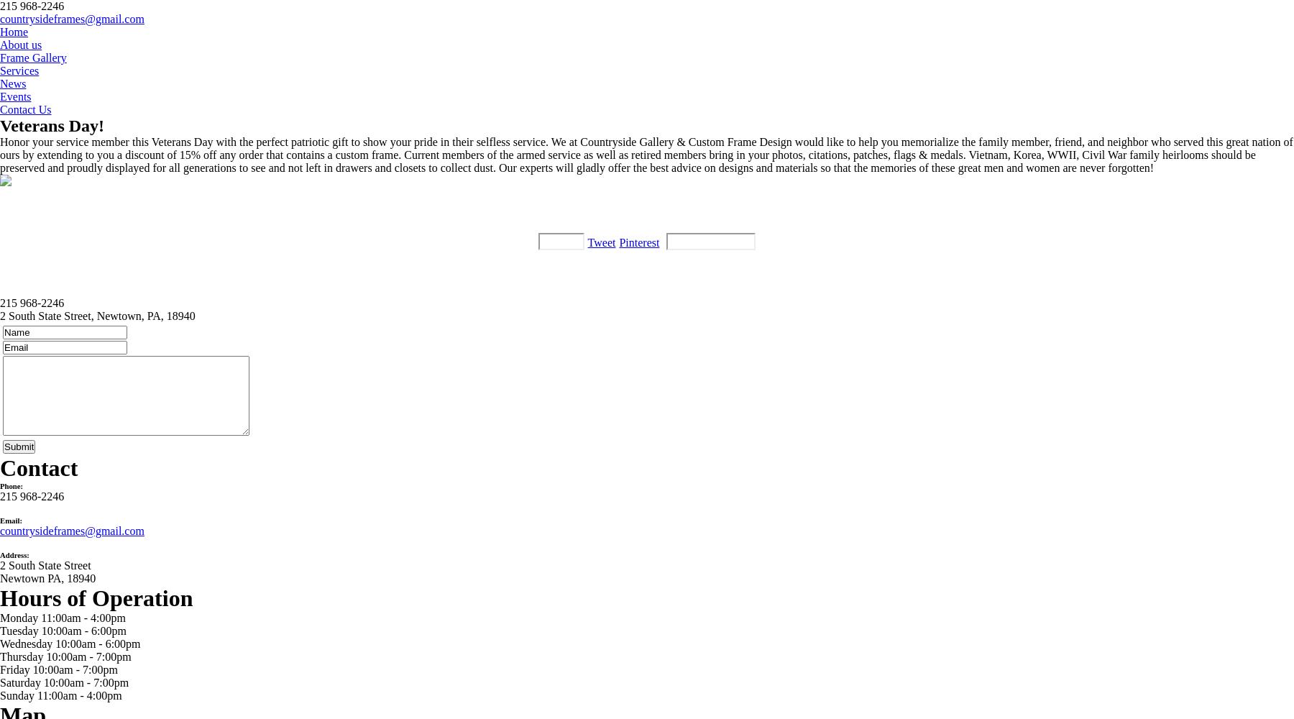 Image resolution: width=1294 pixels, height=719 pixels. Describe the element at coordinates (0, 597) in the screenshot. I see `'Hours of Operation'` at that location.